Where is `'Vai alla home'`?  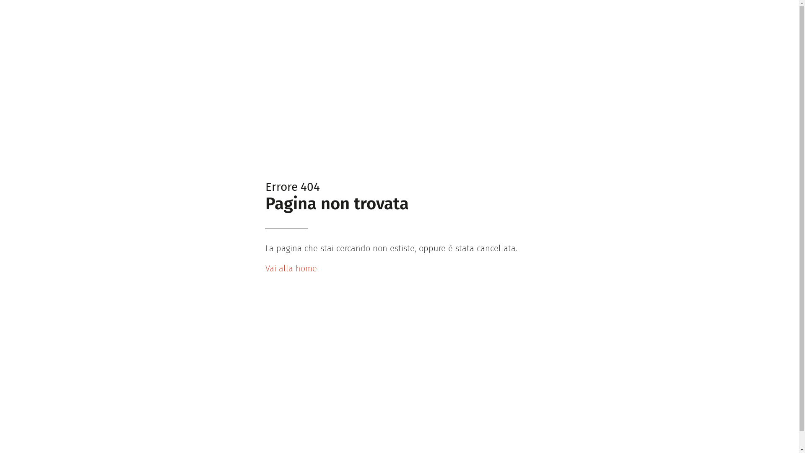
'Vai alla home' is located at coordinates (291, 268).